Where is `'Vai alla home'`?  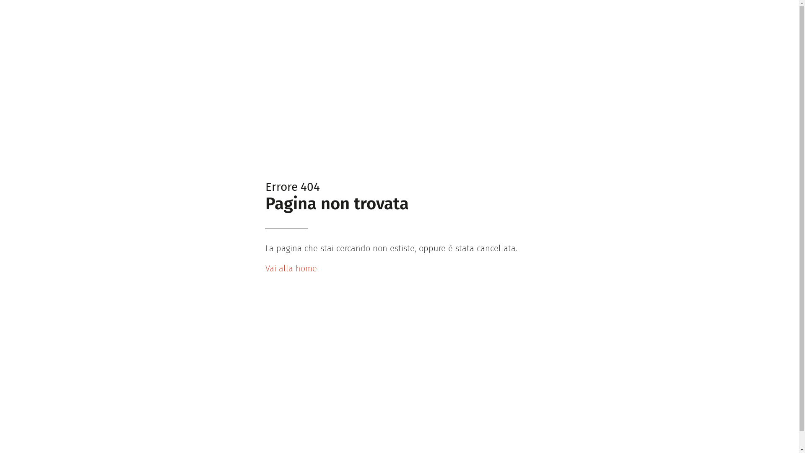
'Vai alla home' is located at coordinates (291, 268).